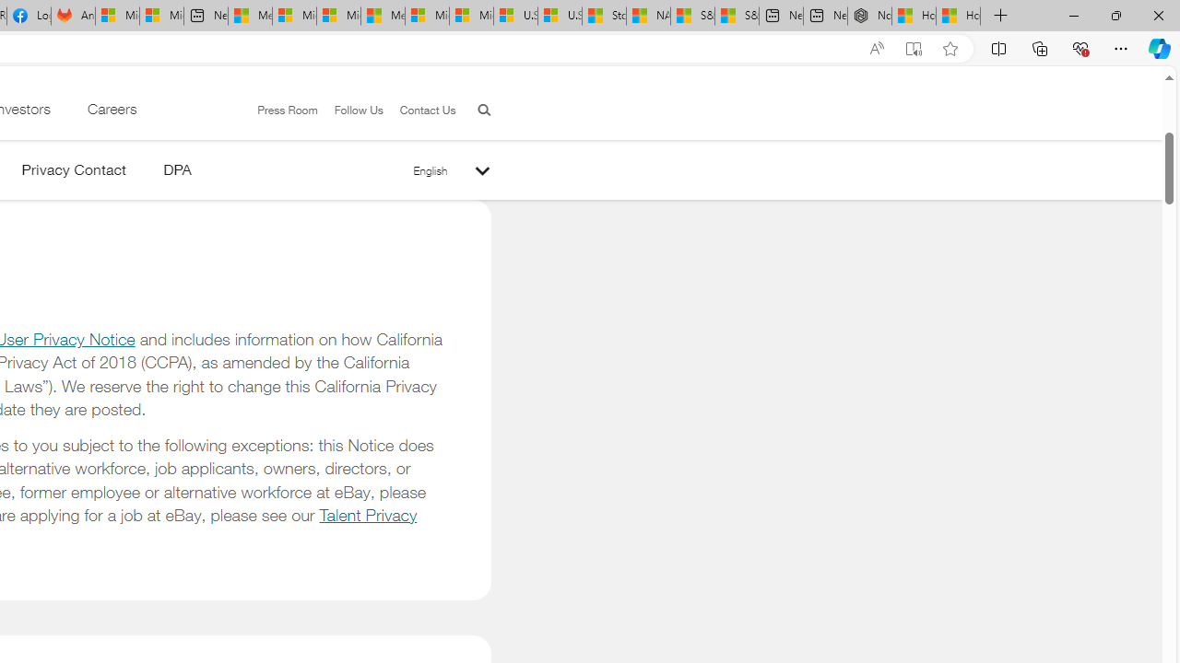  I want to click on 'How to Use a Monitor With Your Closed Laptop', so click(959, 16).